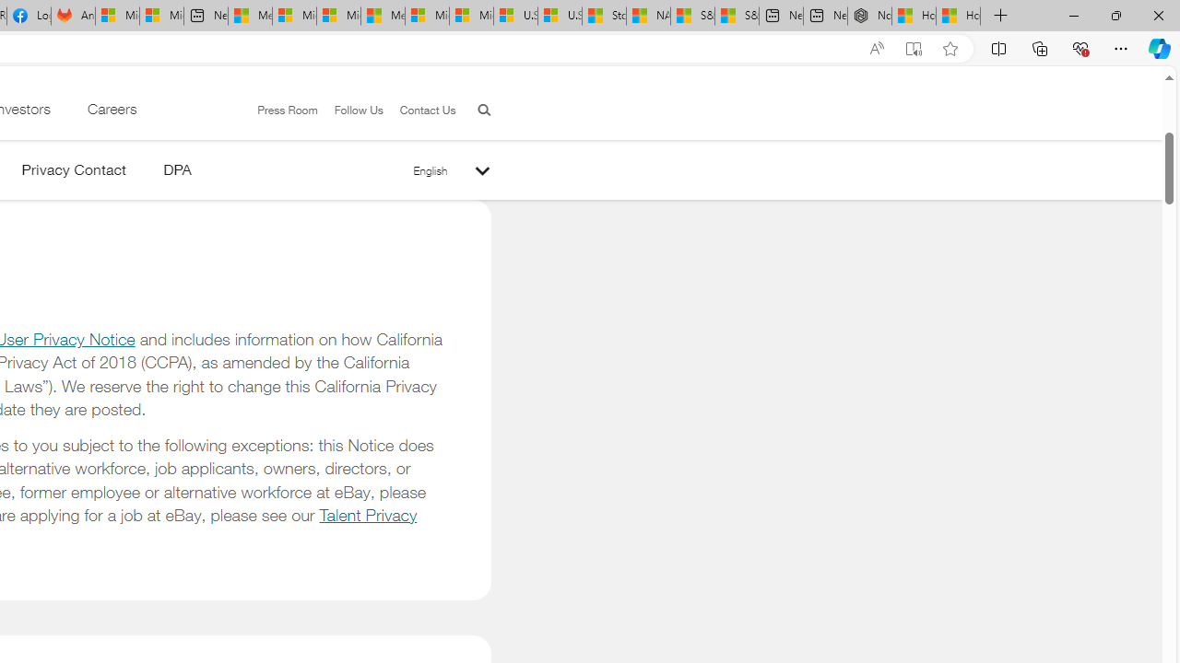  I want to click on 'How to Use a Monitor With Your Closed Laptop', so click(959, 16).